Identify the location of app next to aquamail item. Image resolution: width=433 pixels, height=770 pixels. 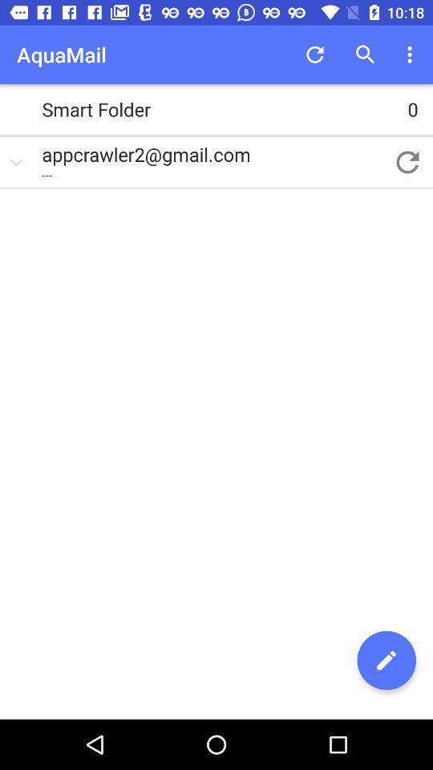
(315, 55).